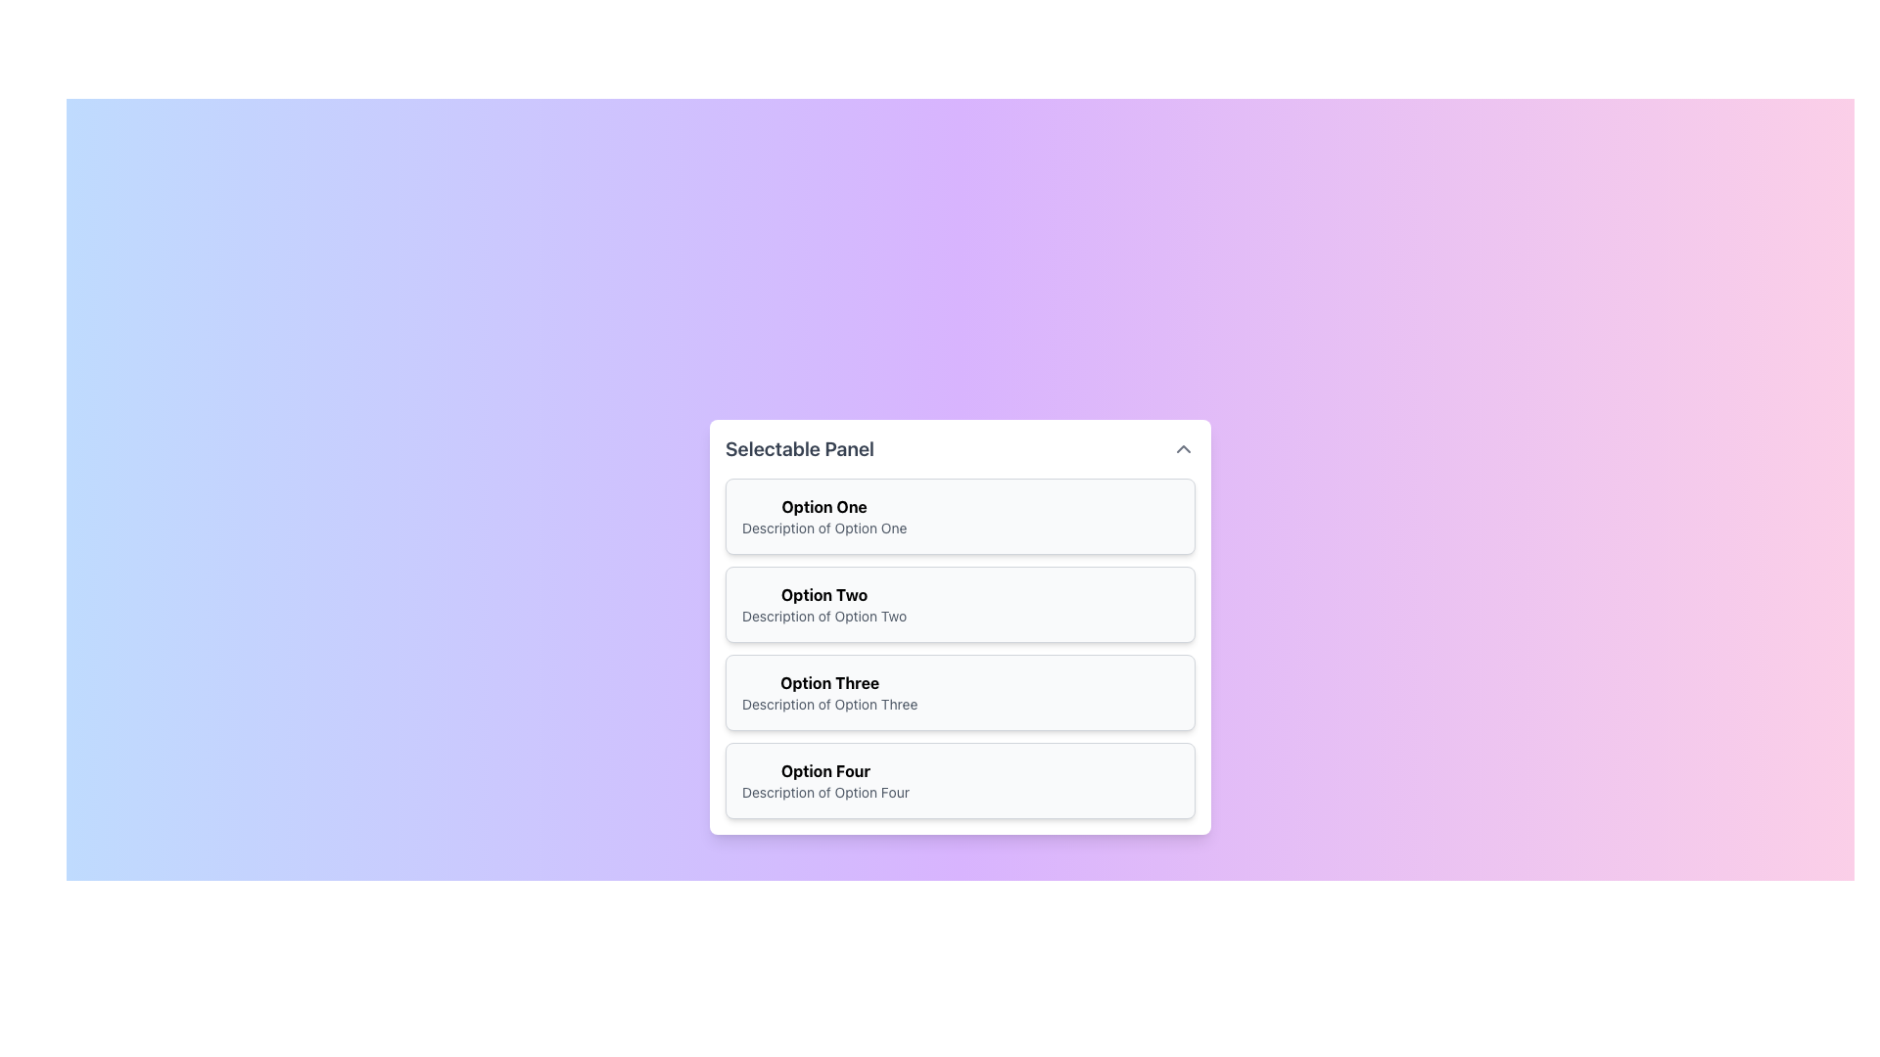 The width and height of the screenshot is (1880, 1057). I want to click on the second selectable option in a vertically stacked list, positioned below 'Option One' and above 'Option Three', so click(960, 603).